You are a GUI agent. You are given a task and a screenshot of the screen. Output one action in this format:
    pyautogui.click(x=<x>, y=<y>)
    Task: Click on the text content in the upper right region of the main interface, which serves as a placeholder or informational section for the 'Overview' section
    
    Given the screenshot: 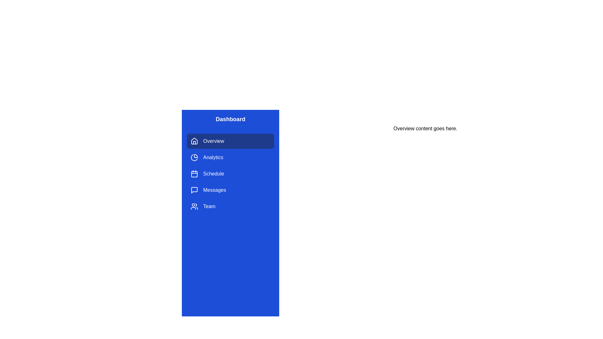 What is the action you would take?
    pyautogui.click(x=425, y=128)
    